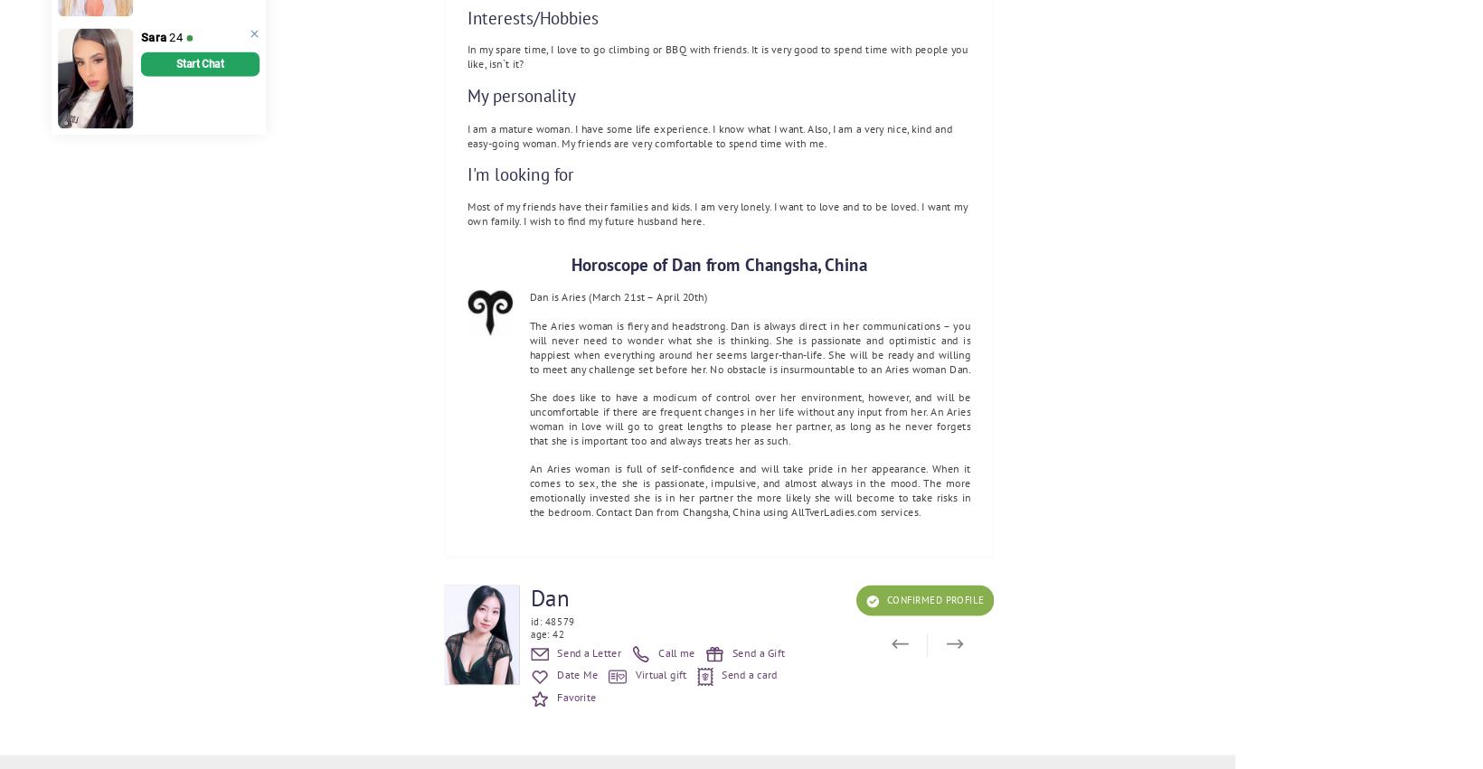 The width and height of the screenshot is (1483, 769). What do you see at coordinates (675, 651) in the screenshot?
I see `'Call me'` at bounding box center [675, 651].